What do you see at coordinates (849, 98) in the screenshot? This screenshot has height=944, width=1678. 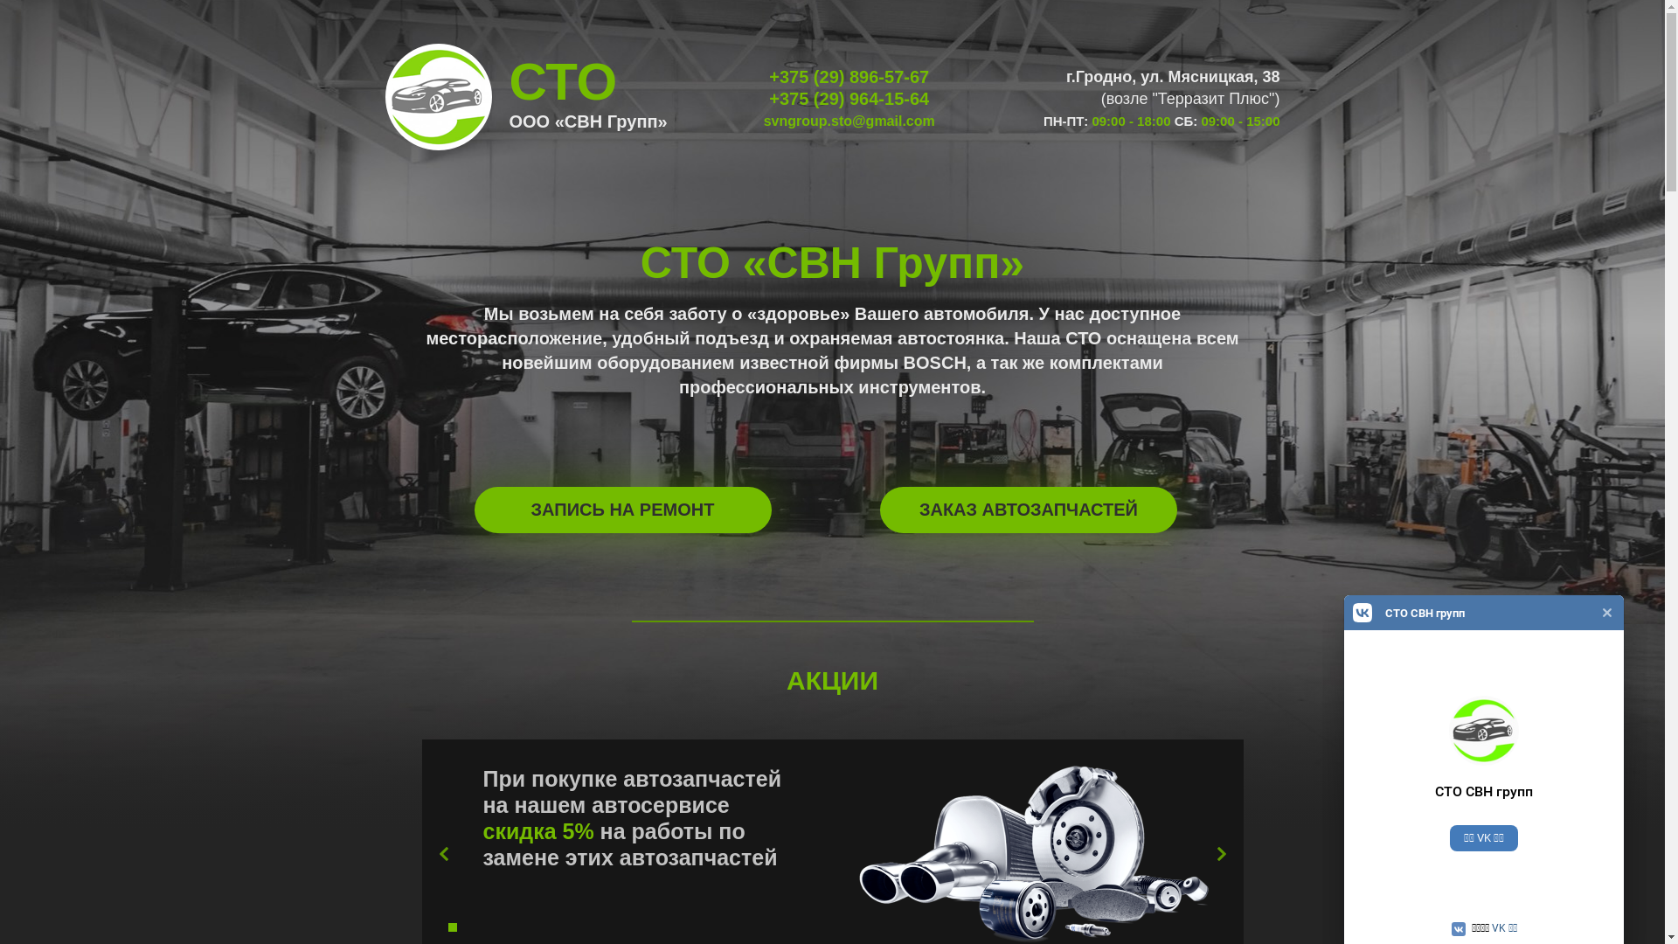 I see `'+375 (29) 964-15-64'` at bounding box center [849, 98].